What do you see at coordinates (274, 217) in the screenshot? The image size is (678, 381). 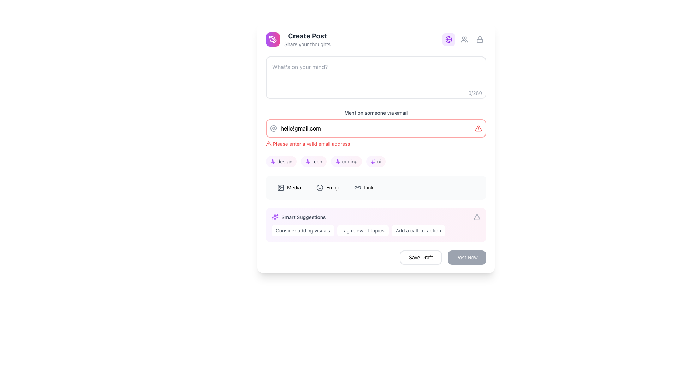 I see `the purple sparkle icon located in the 'Smart Suggestions' section, which is positioned to the left of the text 'Smart Suggestions'` at bounding box center [274, 217].